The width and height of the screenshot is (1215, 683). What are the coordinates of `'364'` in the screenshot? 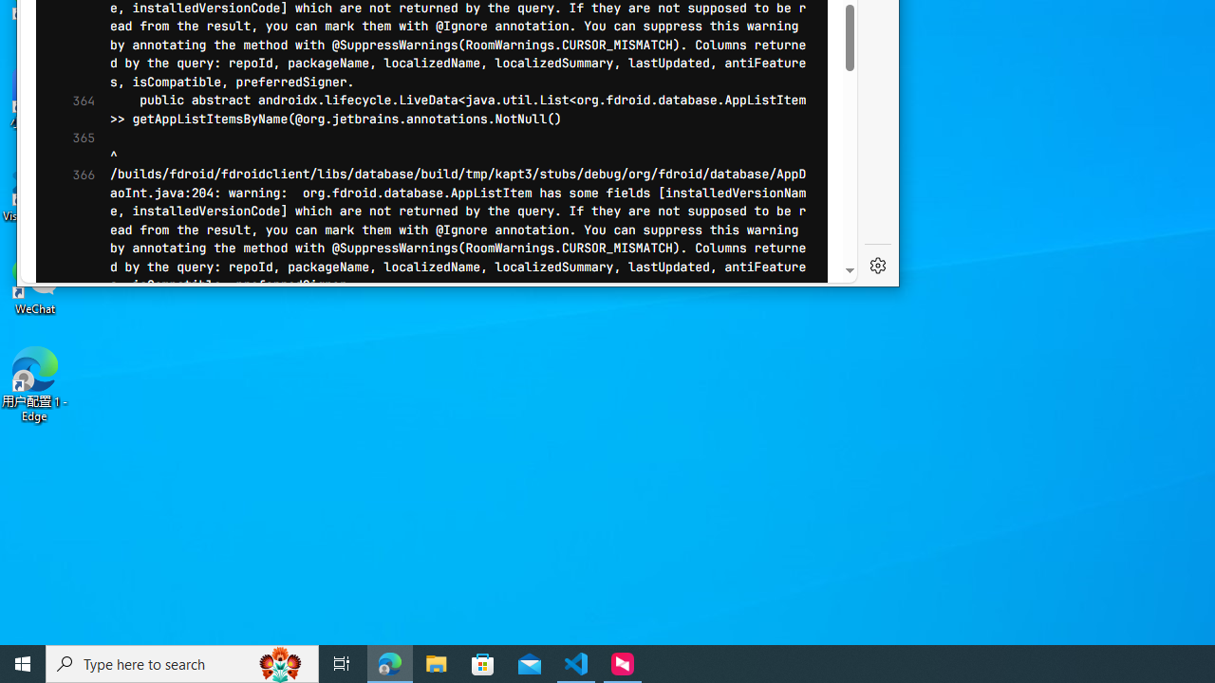 It's located at (77, 109).